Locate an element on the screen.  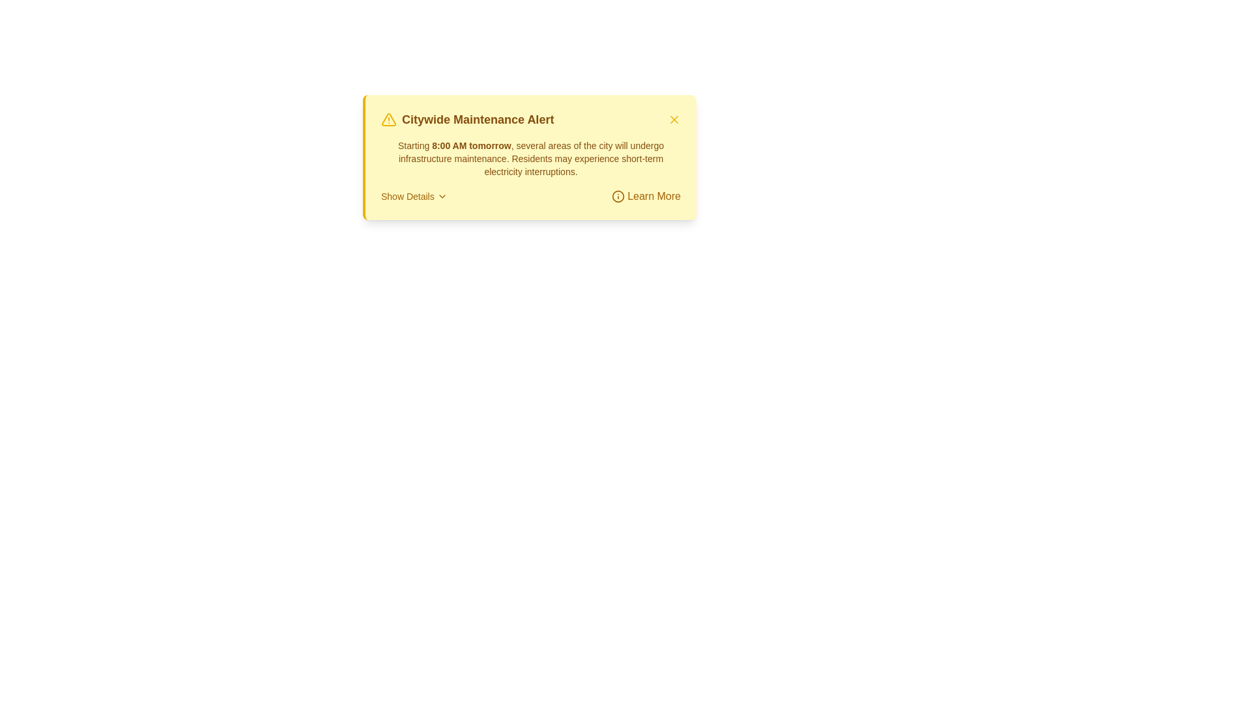
the outermost circular part of the graphical icon located to the left of the 'Learn More' title text in the notification card is located at coordinates (618, 196).